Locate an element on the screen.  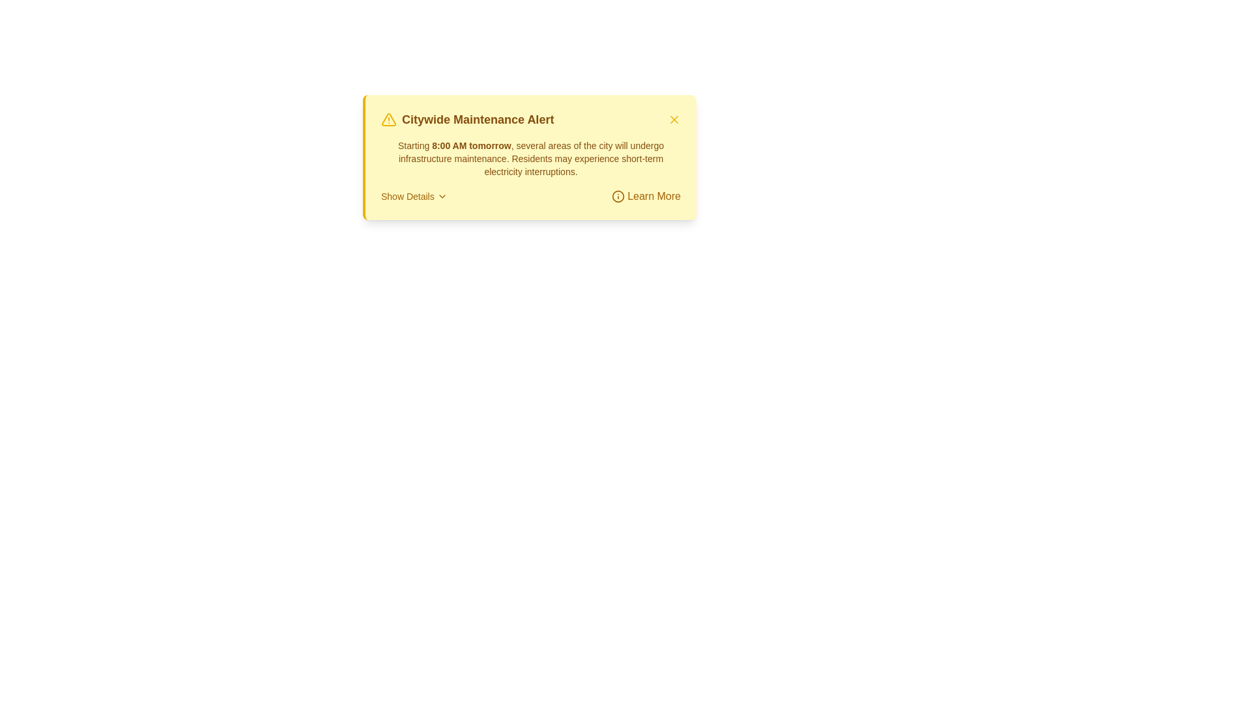
the outermost circular part of the graphical icon located to the left of the 'Learn More' title text in the notification card is located at coordinates (618, 196).